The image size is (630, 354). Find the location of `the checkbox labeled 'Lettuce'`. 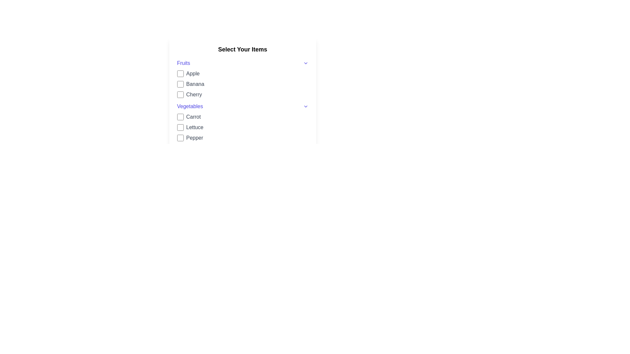

the checkbox labeled 'Lettuce' is located at coordinates (242, 128).